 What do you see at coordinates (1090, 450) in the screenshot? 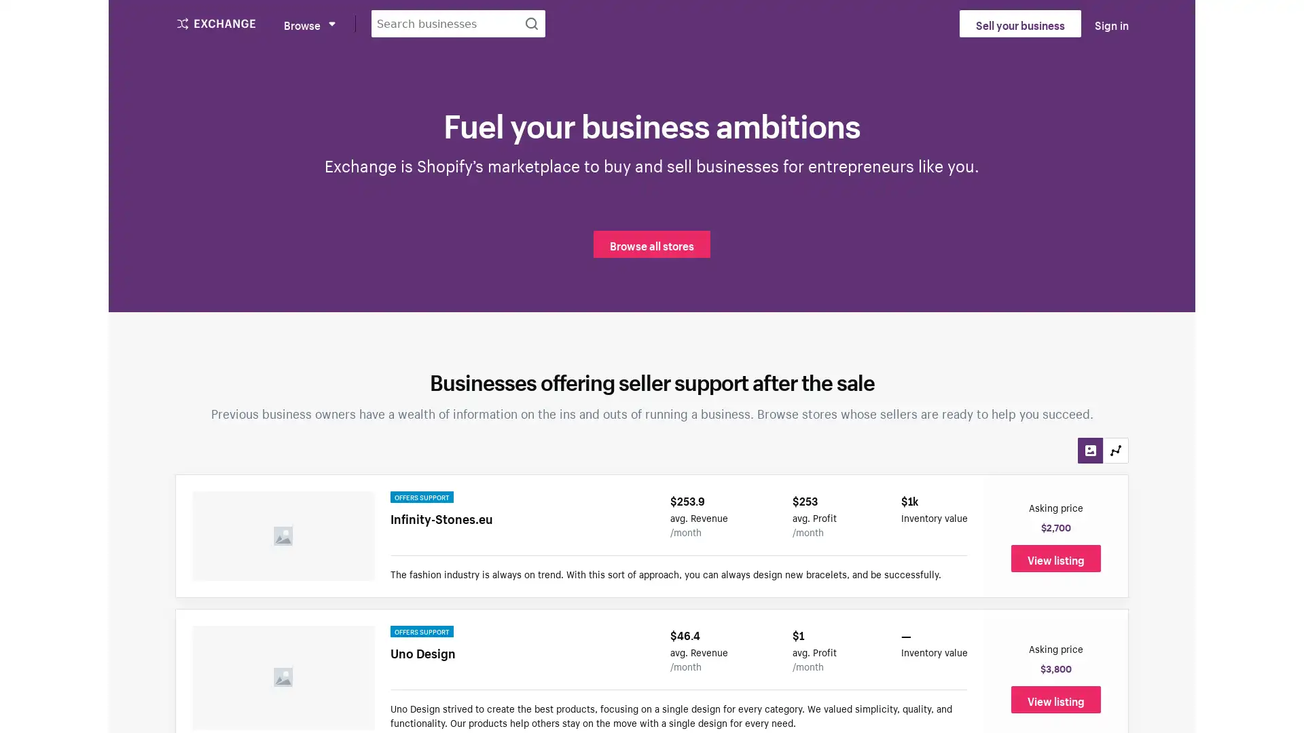
I see `toggle listing image` at bounding box center [1090, 450].